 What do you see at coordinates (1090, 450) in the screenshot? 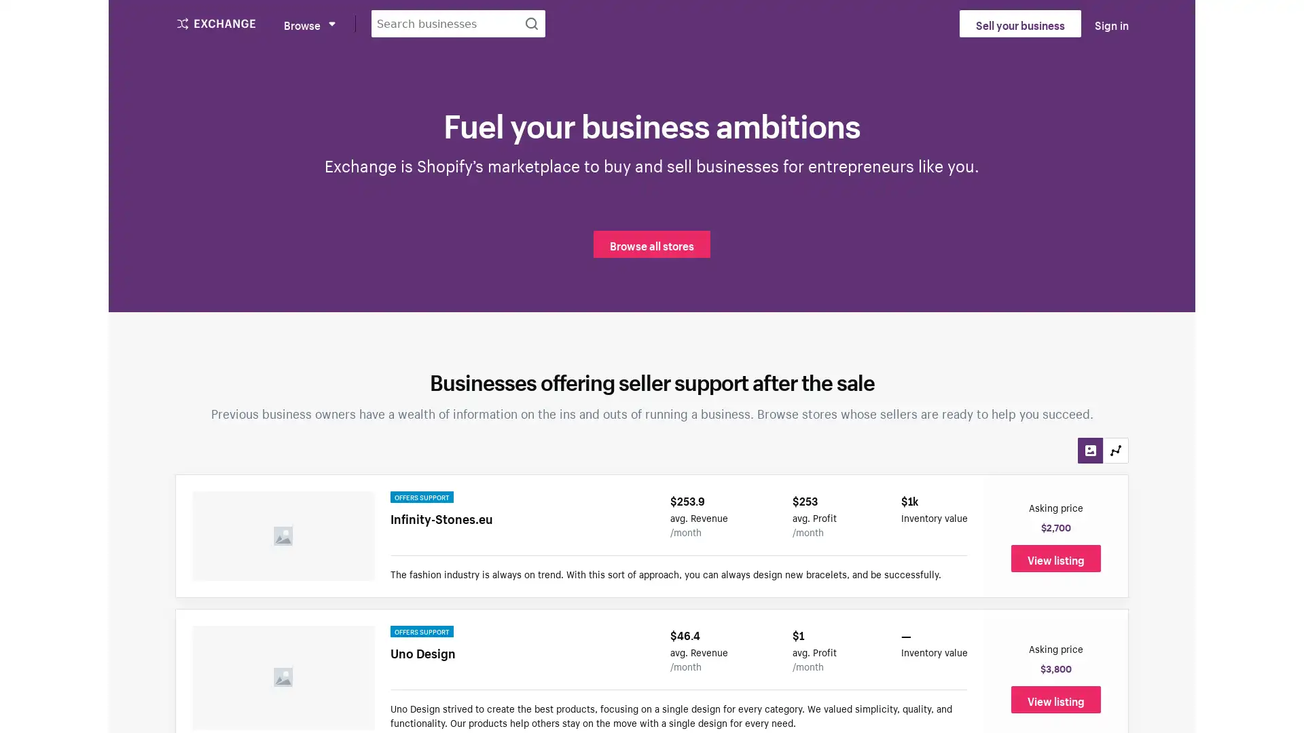
I see `toggle listing image` at bounding box center [1090, 450].